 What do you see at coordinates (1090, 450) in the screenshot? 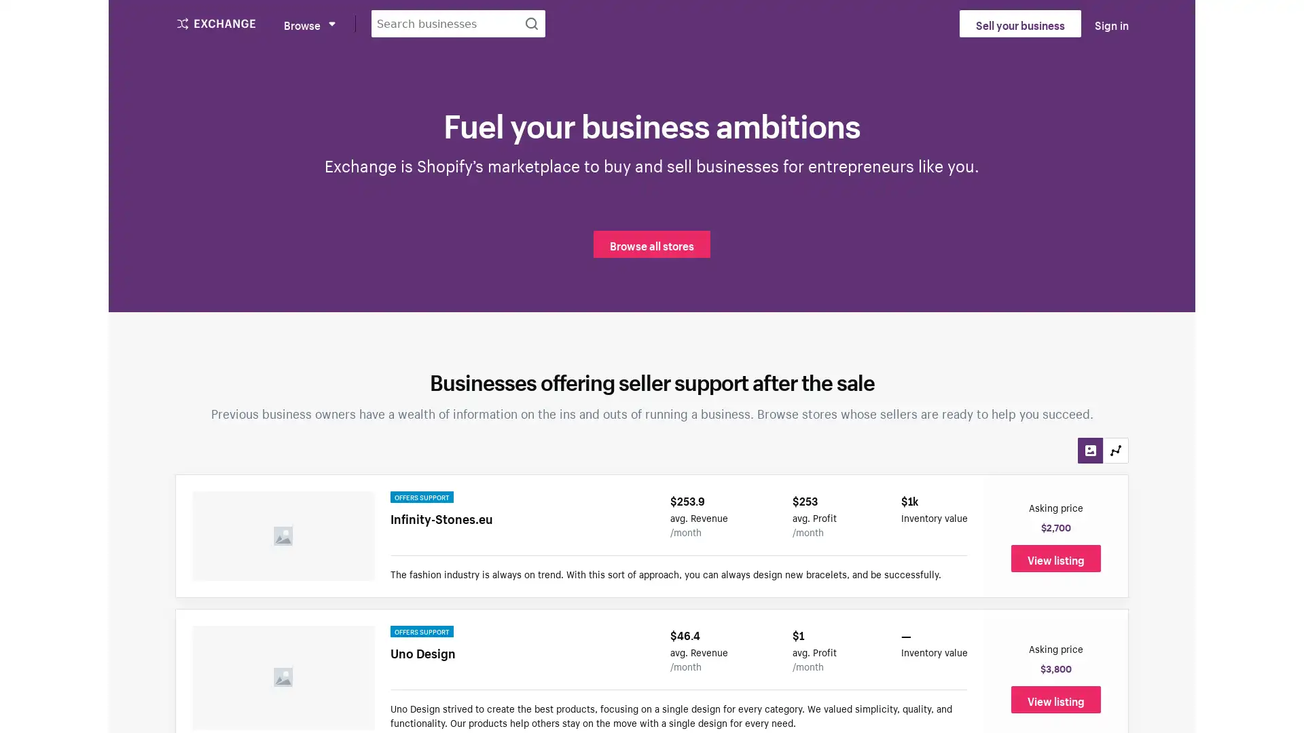
I see `toggle listing image` at bounding box center [1090, 450].